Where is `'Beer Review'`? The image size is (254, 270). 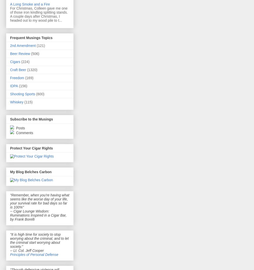
'Beer Review' is located at coordinates (20, 53).